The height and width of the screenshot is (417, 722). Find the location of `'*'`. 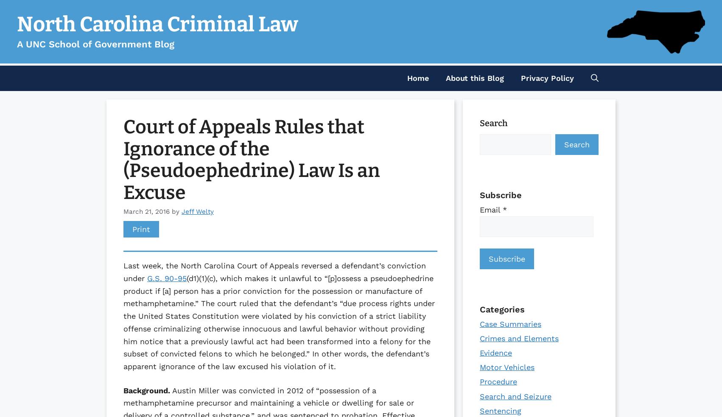

'*' is located at coordinates (502, 210).